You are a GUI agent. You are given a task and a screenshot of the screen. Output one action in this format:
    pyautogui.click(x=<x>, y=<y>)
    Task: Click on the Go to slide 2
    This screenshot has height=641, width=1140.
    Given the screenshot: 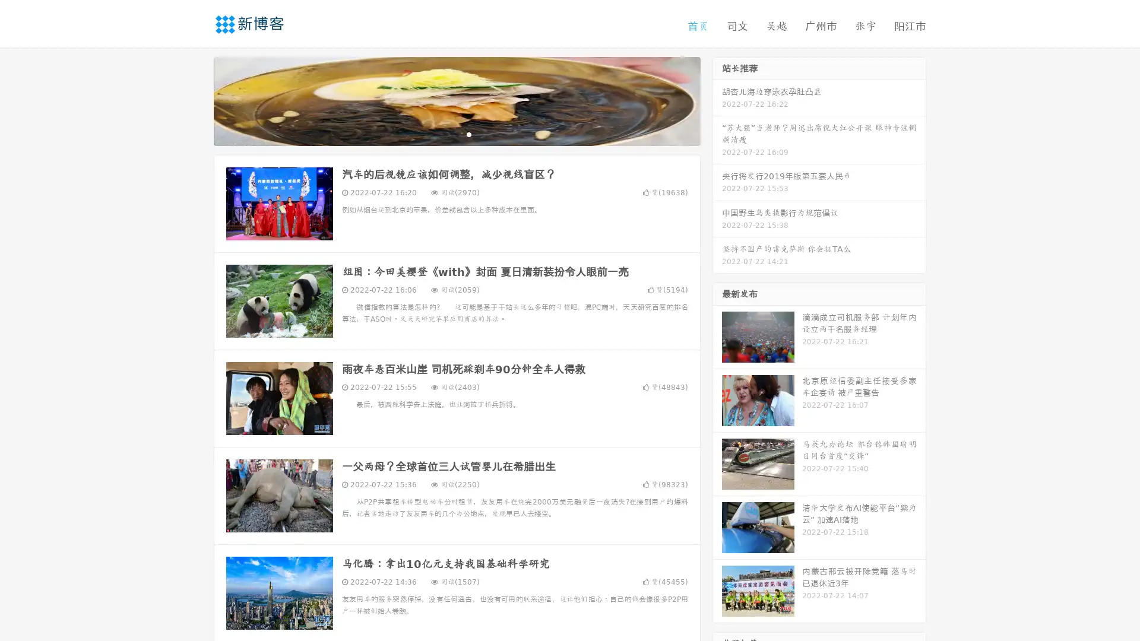 What is the action you would take?
    pyautogui.click(x=456, y=134)
    